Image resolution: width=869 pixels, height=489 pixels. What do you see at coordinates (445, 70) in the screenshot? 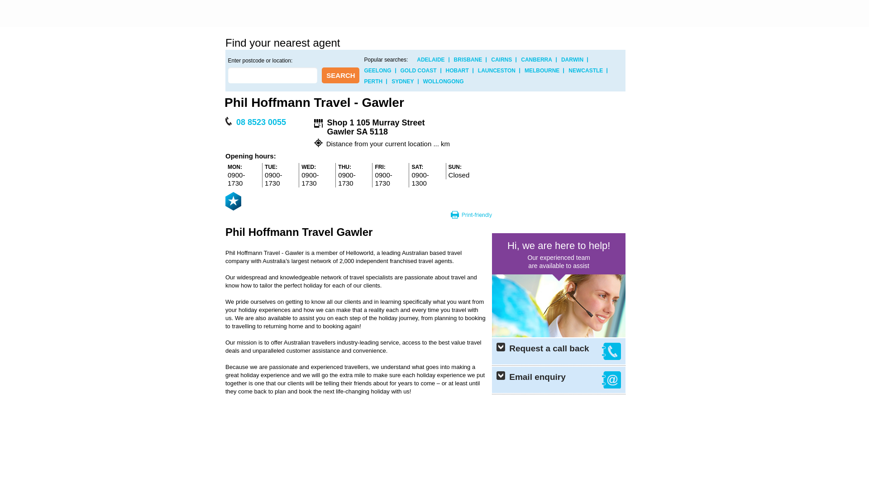
I see `'HOBART'` at bounding box center [445, 70].